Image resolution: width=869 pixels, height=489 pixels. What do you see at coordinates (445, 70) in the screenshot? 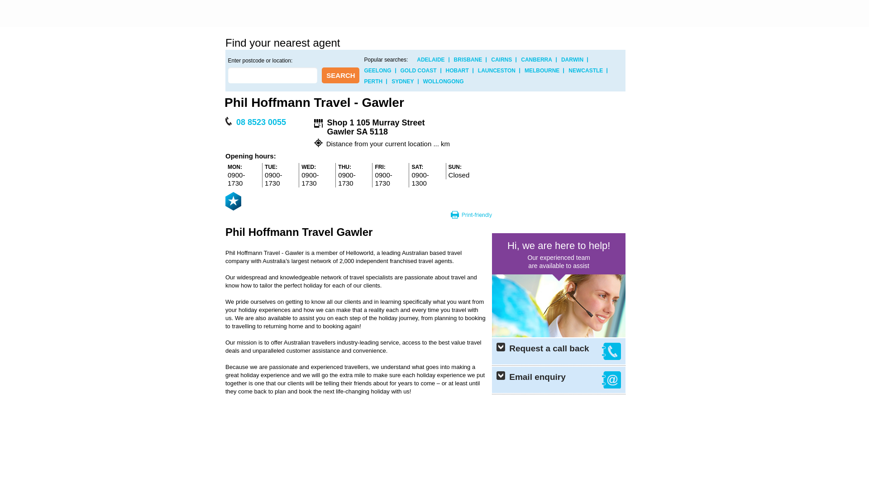
I see `'HOBART'` at bounding box center [445, 70].